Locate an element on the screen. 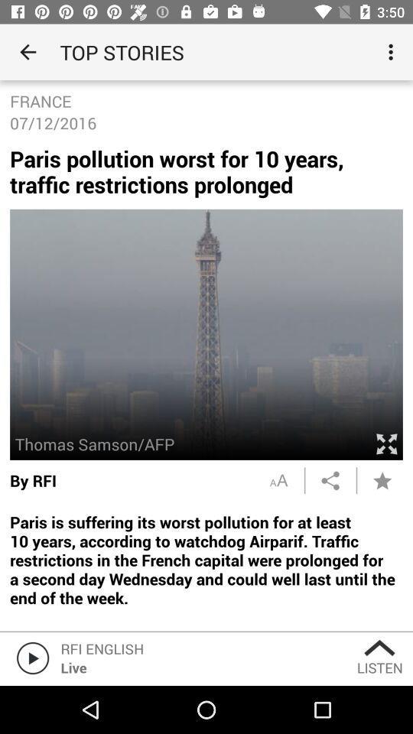 The width and height of the screenshot is (413, 734). the fullscreen icon is located at coordinates (385, 443).